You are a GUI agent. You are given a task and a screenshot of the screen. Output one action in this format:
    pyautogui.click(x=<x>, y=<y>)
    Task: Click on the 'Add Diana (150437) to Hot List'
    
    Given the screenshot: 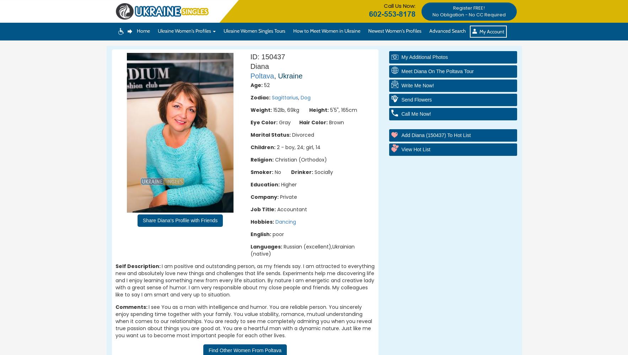 What is the action you would take?
    pyautogui.click(x=435, y=135)
    